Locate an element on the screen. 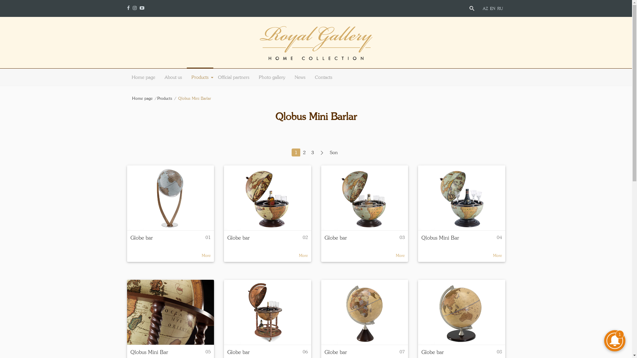 The width and height of the screenshot is (637, 358). 'Globe bar' is located at coordinates (227, 241).